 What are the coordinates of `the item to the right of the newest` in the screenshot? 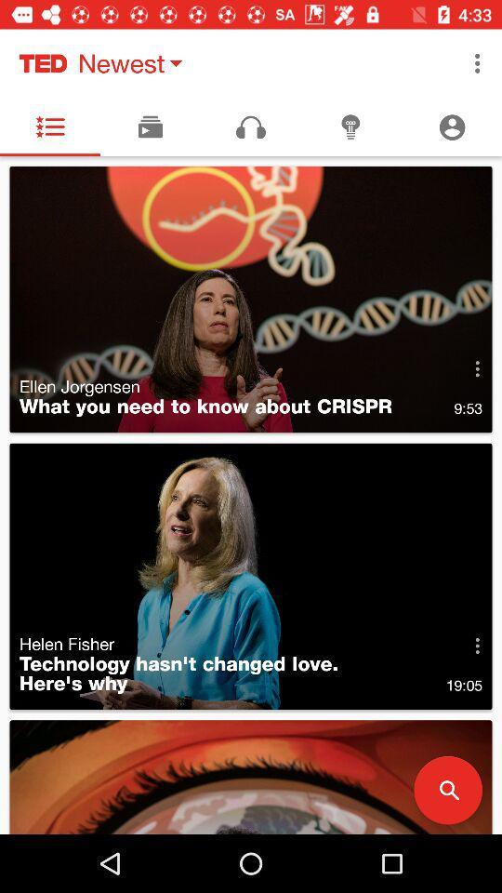 It's located at (477, 63).